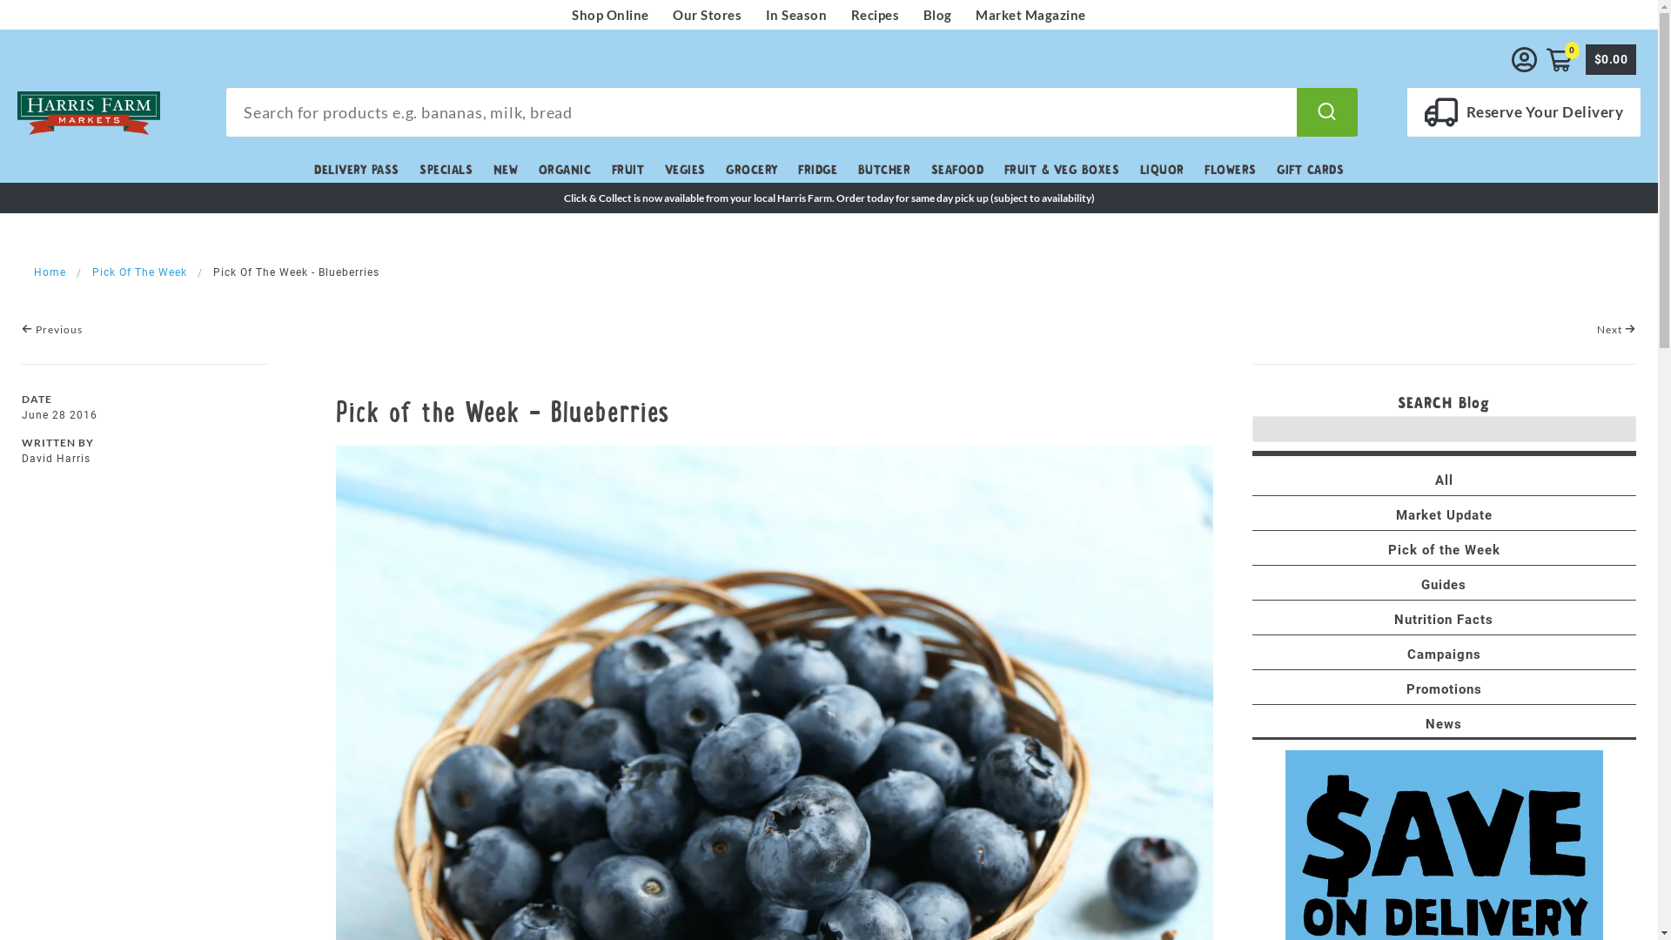  What do you see at coordinates (661, 14) in the screenshot?
I see `'Our Stores'` at bounding box center [661, 14].